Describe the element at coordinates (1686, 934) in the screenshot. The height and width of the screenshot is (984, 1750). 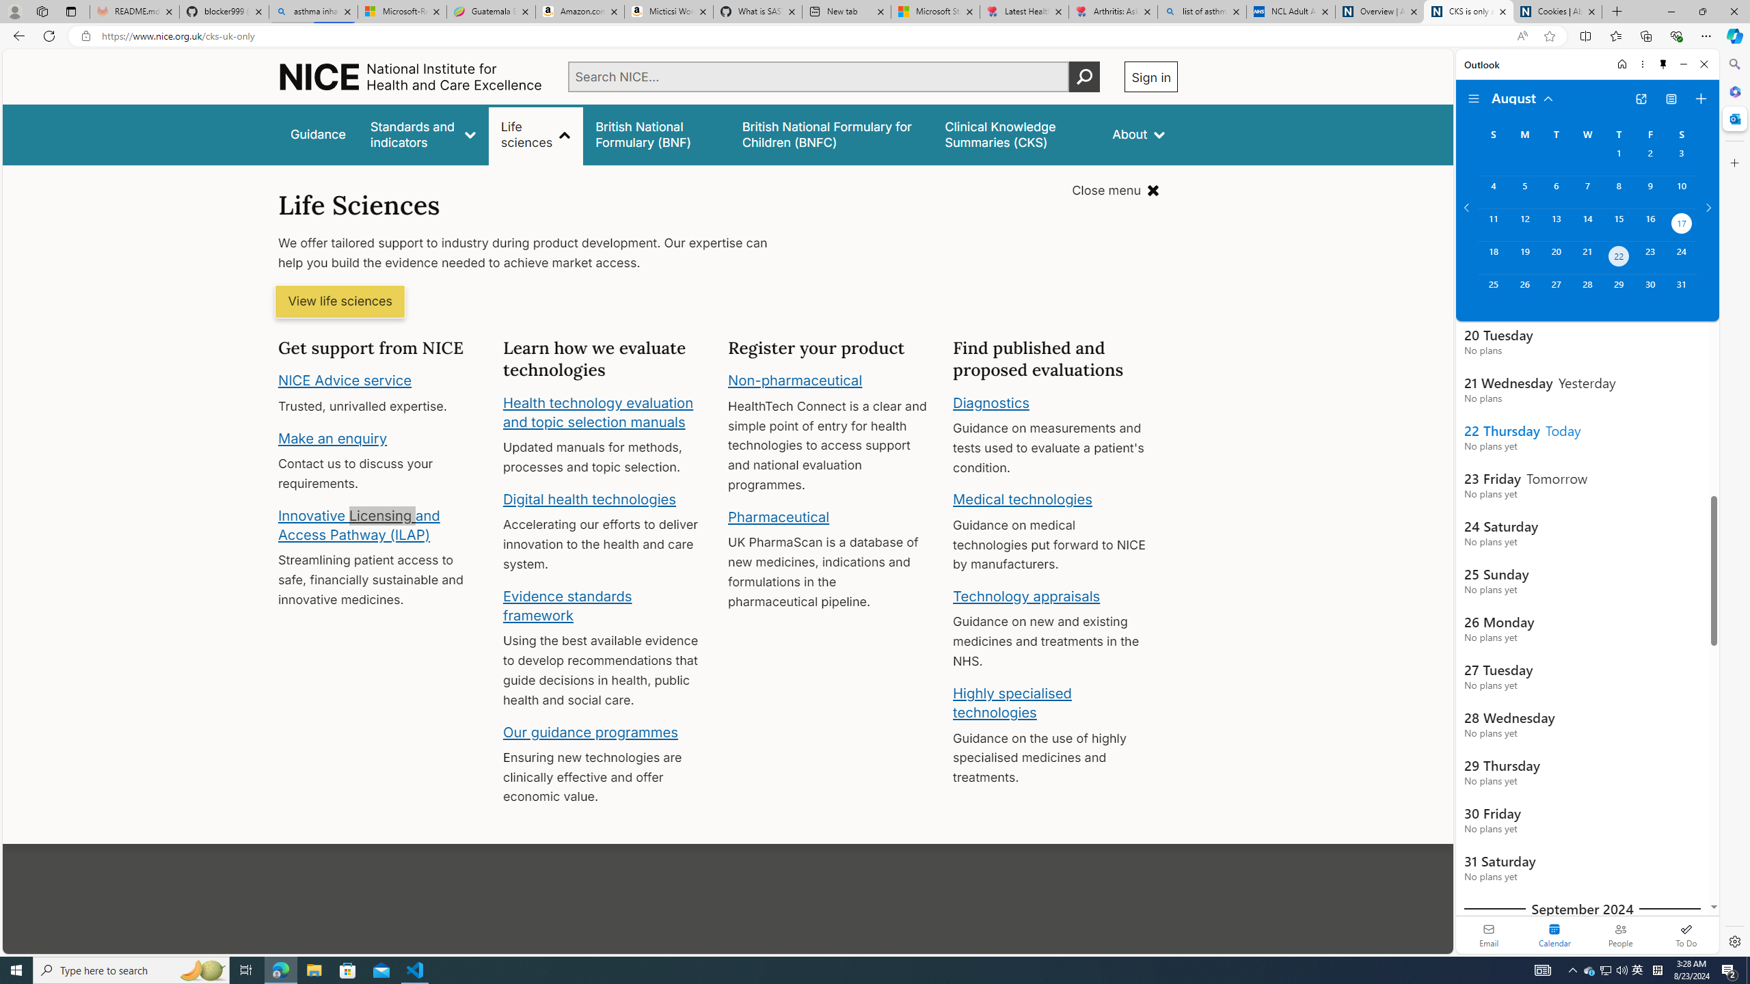
I see `'To Do'` at that location.